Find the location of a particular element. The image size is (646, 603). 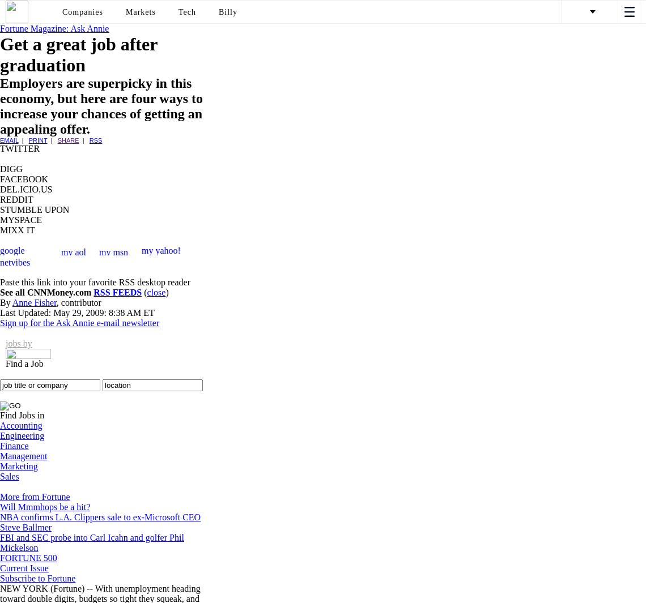

'FORTUNE 500' is located at coordinates (28, 558).